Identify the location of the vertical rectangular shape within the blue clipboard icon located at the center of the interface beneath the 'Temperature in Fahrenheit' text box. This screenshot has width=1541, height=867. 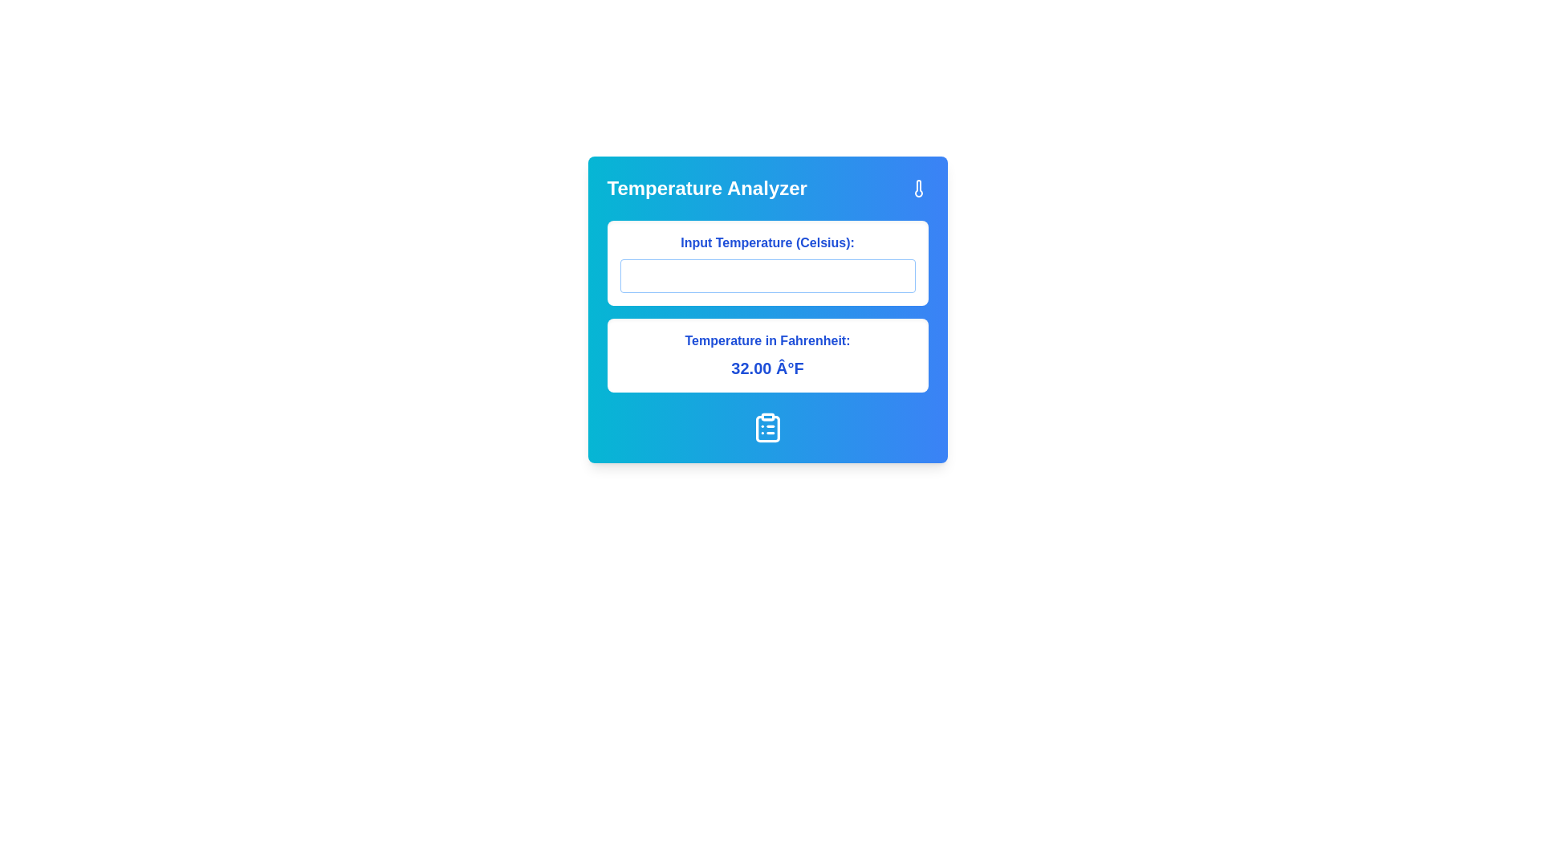
(766, 428).